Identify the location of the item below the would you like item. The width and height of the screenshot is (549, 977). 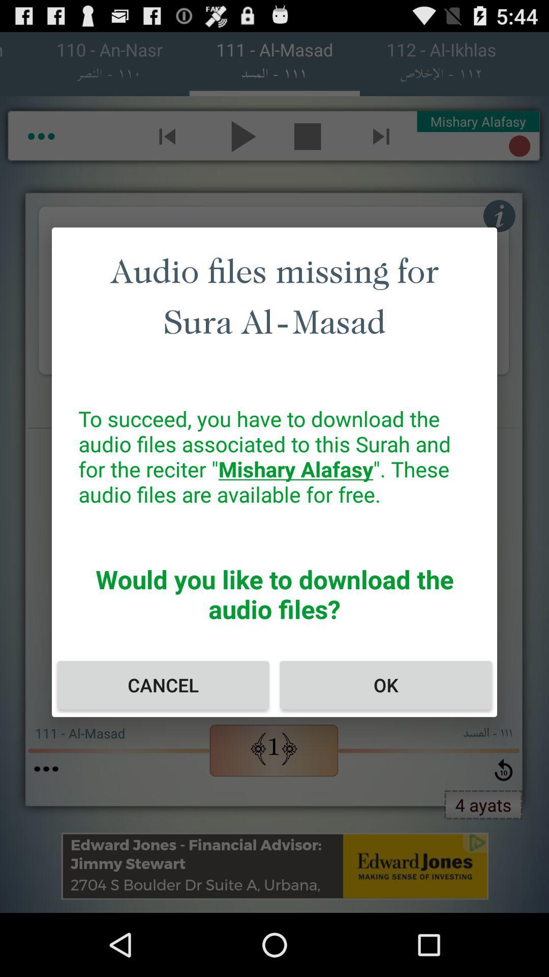
(162, 685).